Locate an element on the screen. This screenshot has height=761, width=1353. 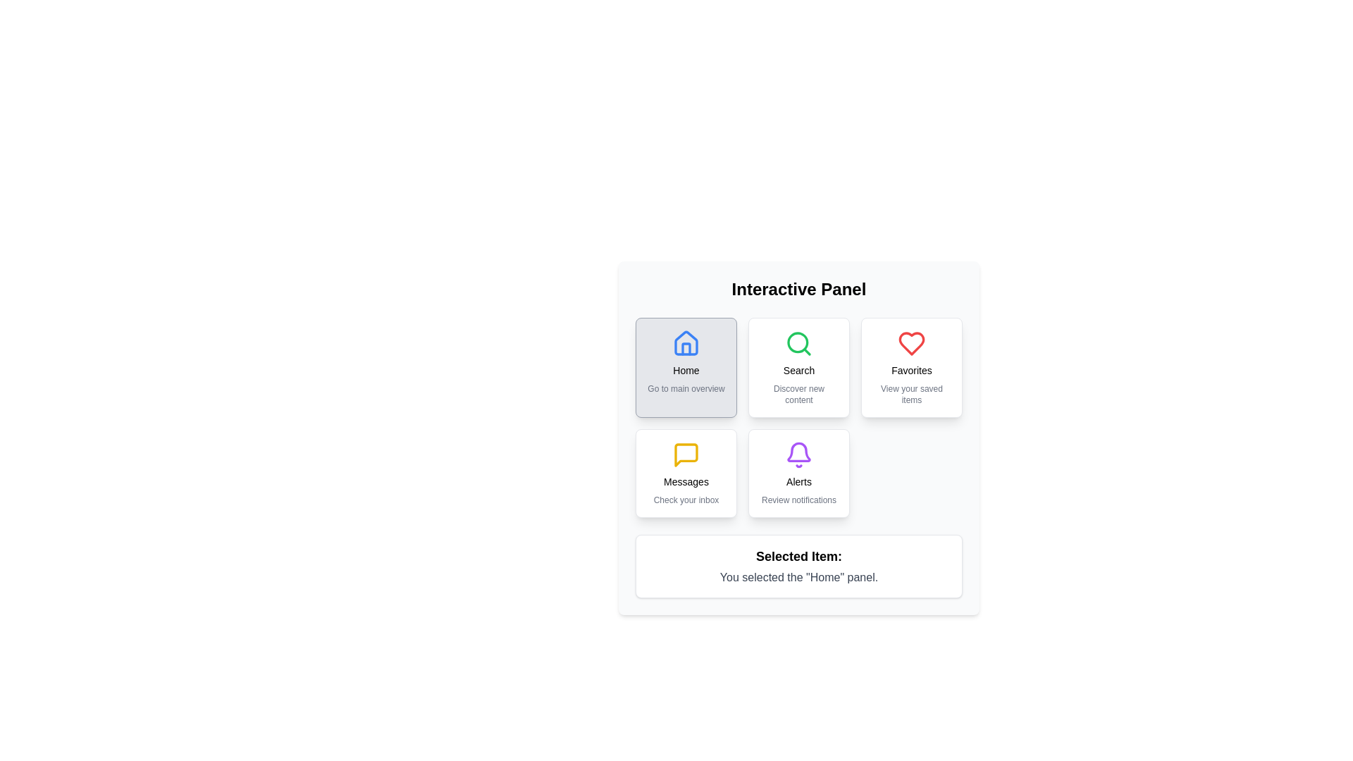
the static label text that indicates the purpose of the panel for viewing messages or checking an inbox, located below the yellow speech bubble icon and above the descriptive text 'Check your inbox' is located at coordinates (686, 481).